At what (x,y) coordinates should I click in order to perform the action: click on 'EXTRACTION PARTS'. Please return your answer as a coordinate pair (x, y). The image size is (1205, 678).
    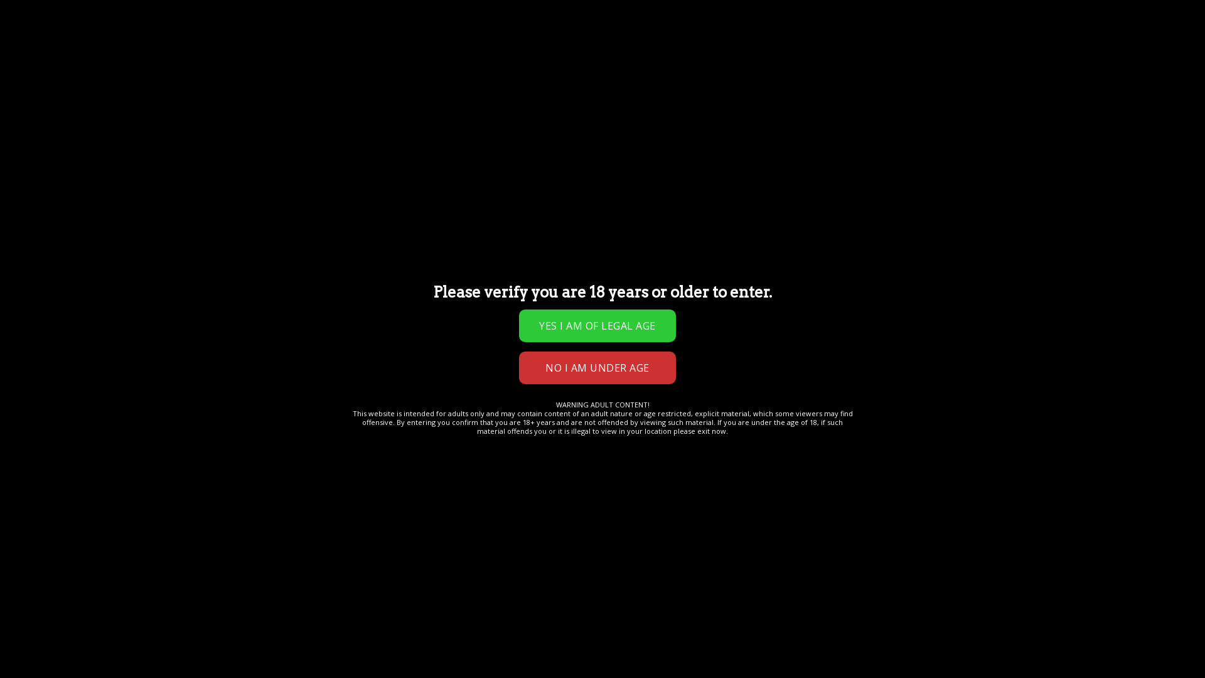
    Looking at the image, I should click on (145, 132).